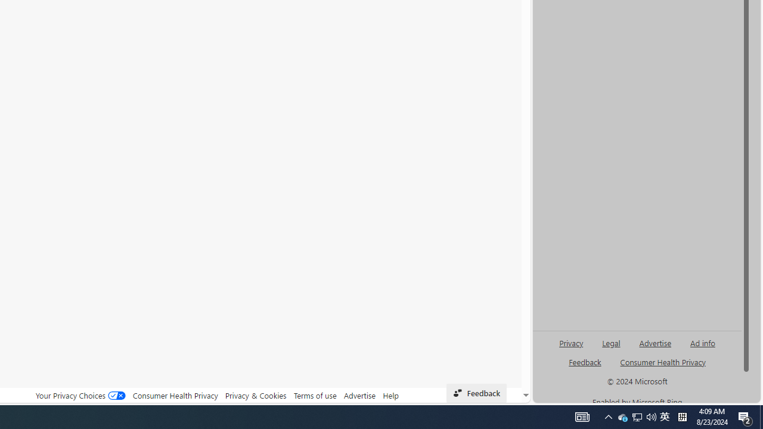 Image resolution: width=763 pixels, height=429 pixels. What do you see at coordinates (80, 395) in the screenshot?
I see `'Your Privacy Choices'` at bounding box center [80, 395].